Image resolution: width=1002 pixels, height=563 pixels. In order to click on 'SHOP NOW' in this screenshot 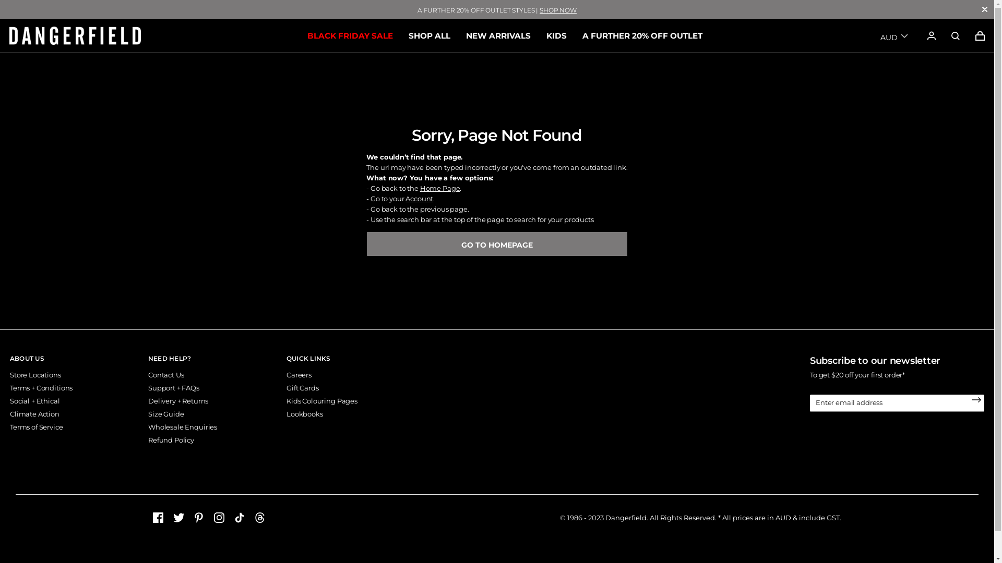, I will do `click(557, 10)`.